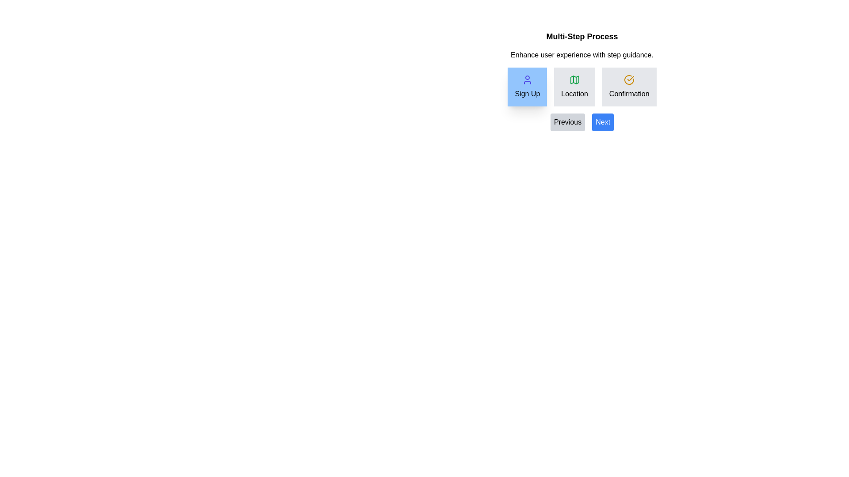 Image resolution: width=849 pixels, height=477 pixels. I want to click on the green map icon with a folded design labeled 'Location' situated in the second column of the navigation interface, so click(574, 80).